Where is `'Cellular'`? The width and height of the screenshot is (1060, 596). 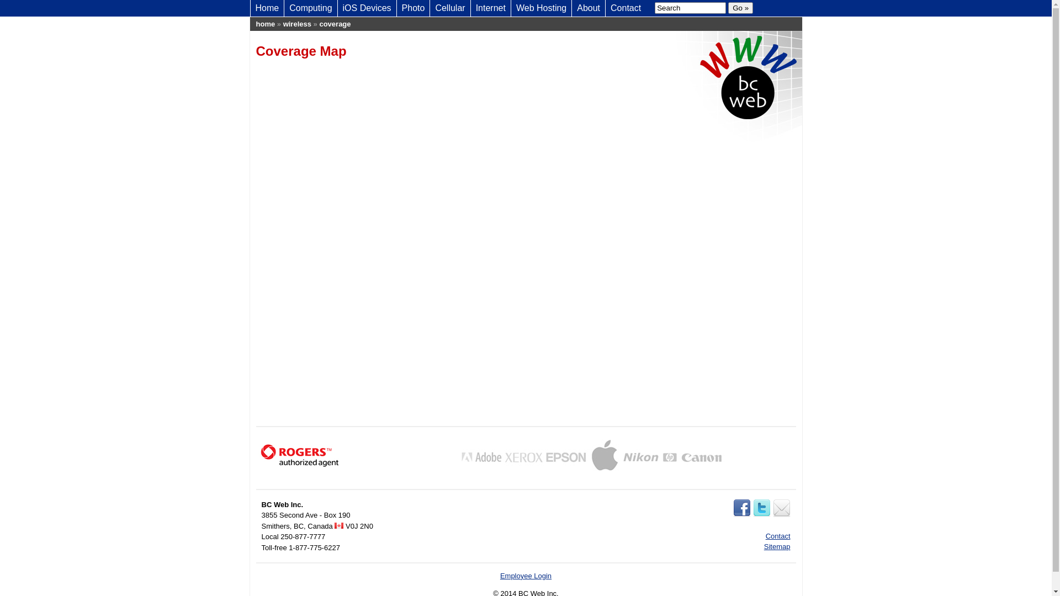 'Cellular' is located at coordinates (429, 8).